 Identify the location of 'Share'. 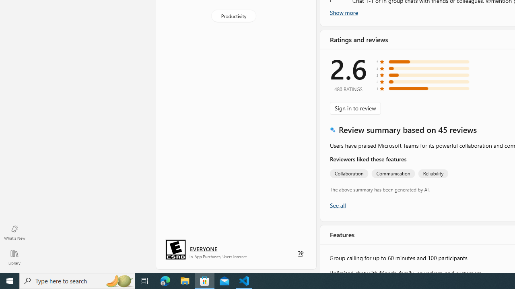
(300, 254).